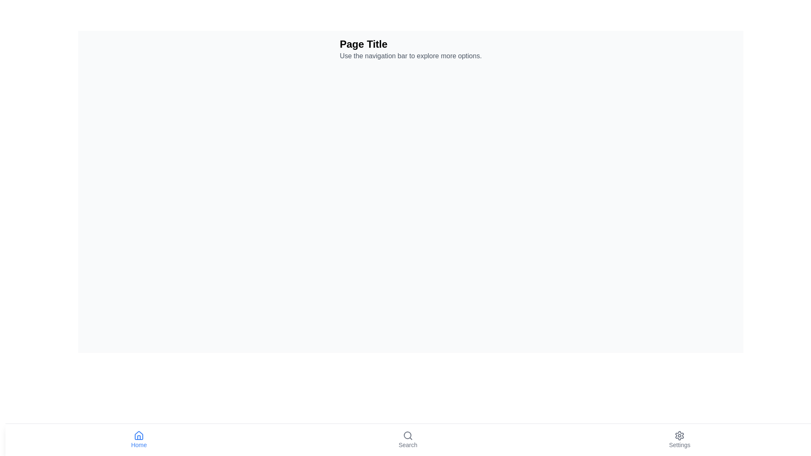 Image resolution: width=811 pixels, height=456 pixels. Describe the element at coordinates (139, 439) in the screenshot. I see `the Home button located on the bottom navigation bar` at that location.